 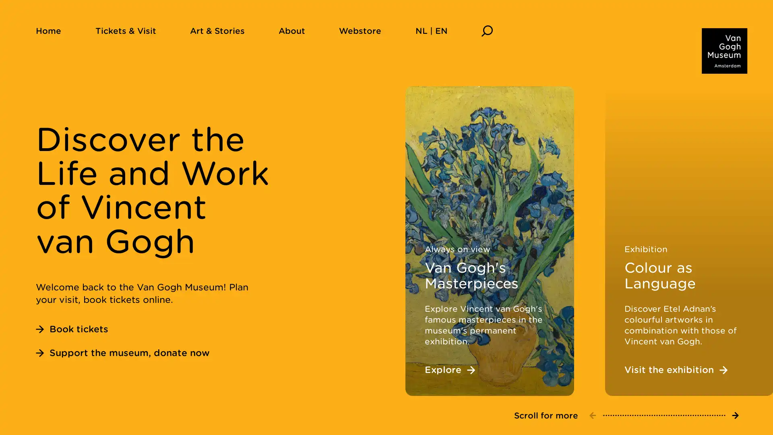 What do you see at coordinates (486, 30) in the screenshot?
I see `Search` at bounding box center [486, 30].